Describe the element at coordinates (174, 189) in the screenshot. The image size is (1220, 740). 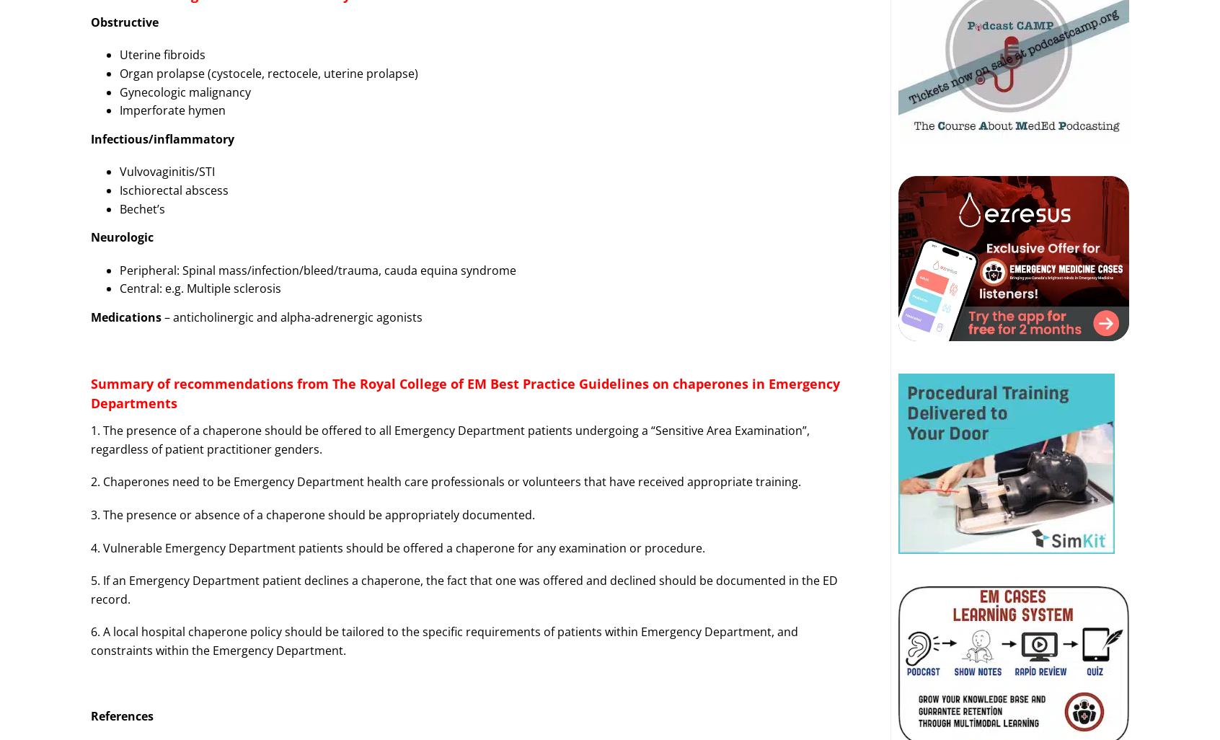
I see `'Ischiorectal abscess'` at that location.